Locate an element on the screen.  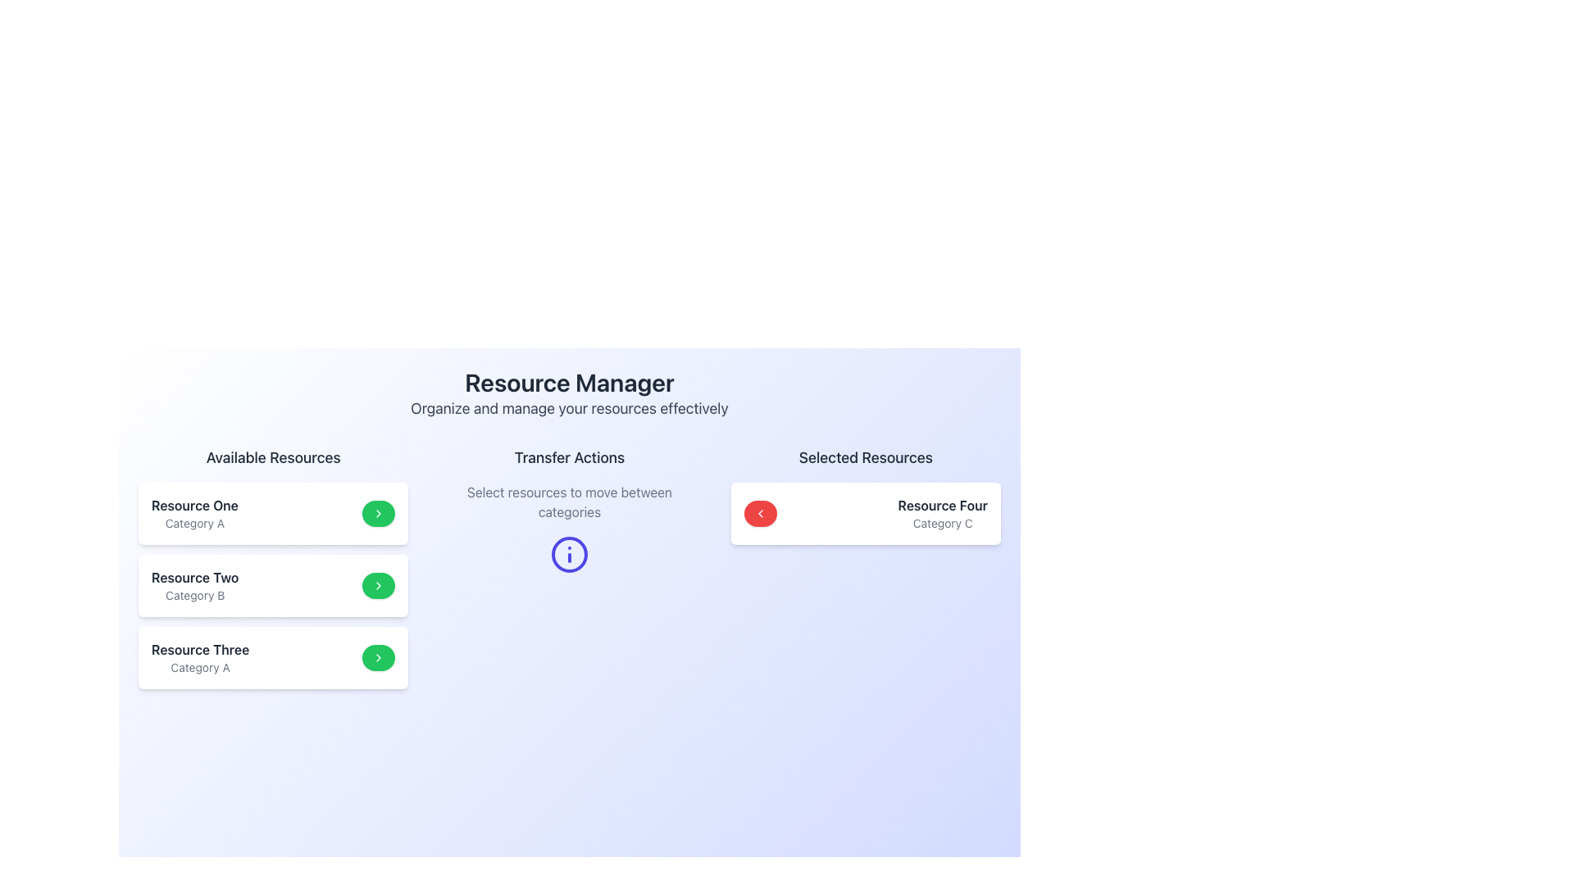
the icon button positioned to the right of the 'Resource Three' button is located at coordinates (377, 656).